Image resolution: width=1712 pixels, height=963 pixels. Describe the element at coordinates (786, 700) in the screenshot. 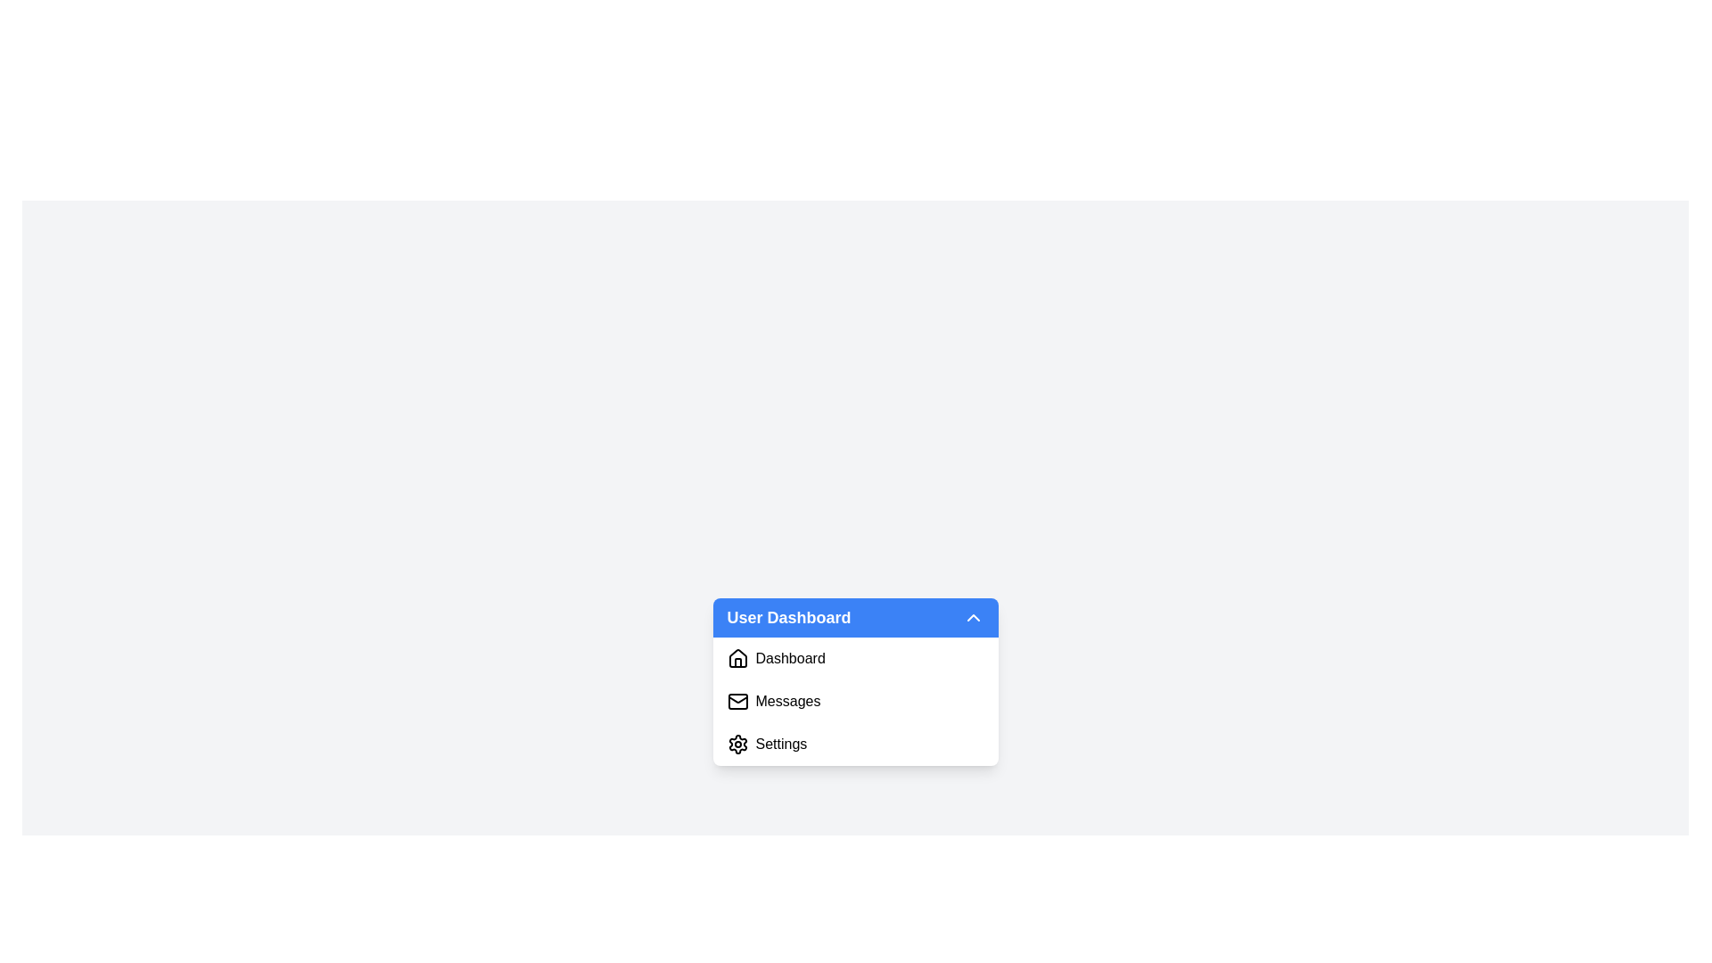

I see `the 'Messages' text label located within the vertical menu under the 'User Dashboard'` at that location.